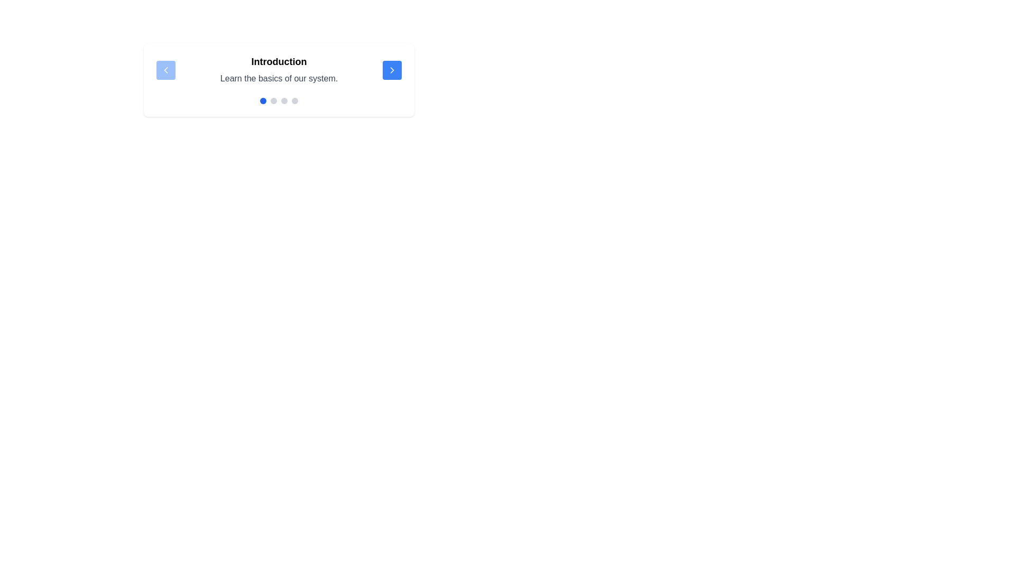 This screenshot has width=1015, height=571. Describe the element at coordinates (274, 100) in the screenshot. I see `the second page indicator dot in the carousel, which is positioned between a blue indicator and two gray indicators` at that location.